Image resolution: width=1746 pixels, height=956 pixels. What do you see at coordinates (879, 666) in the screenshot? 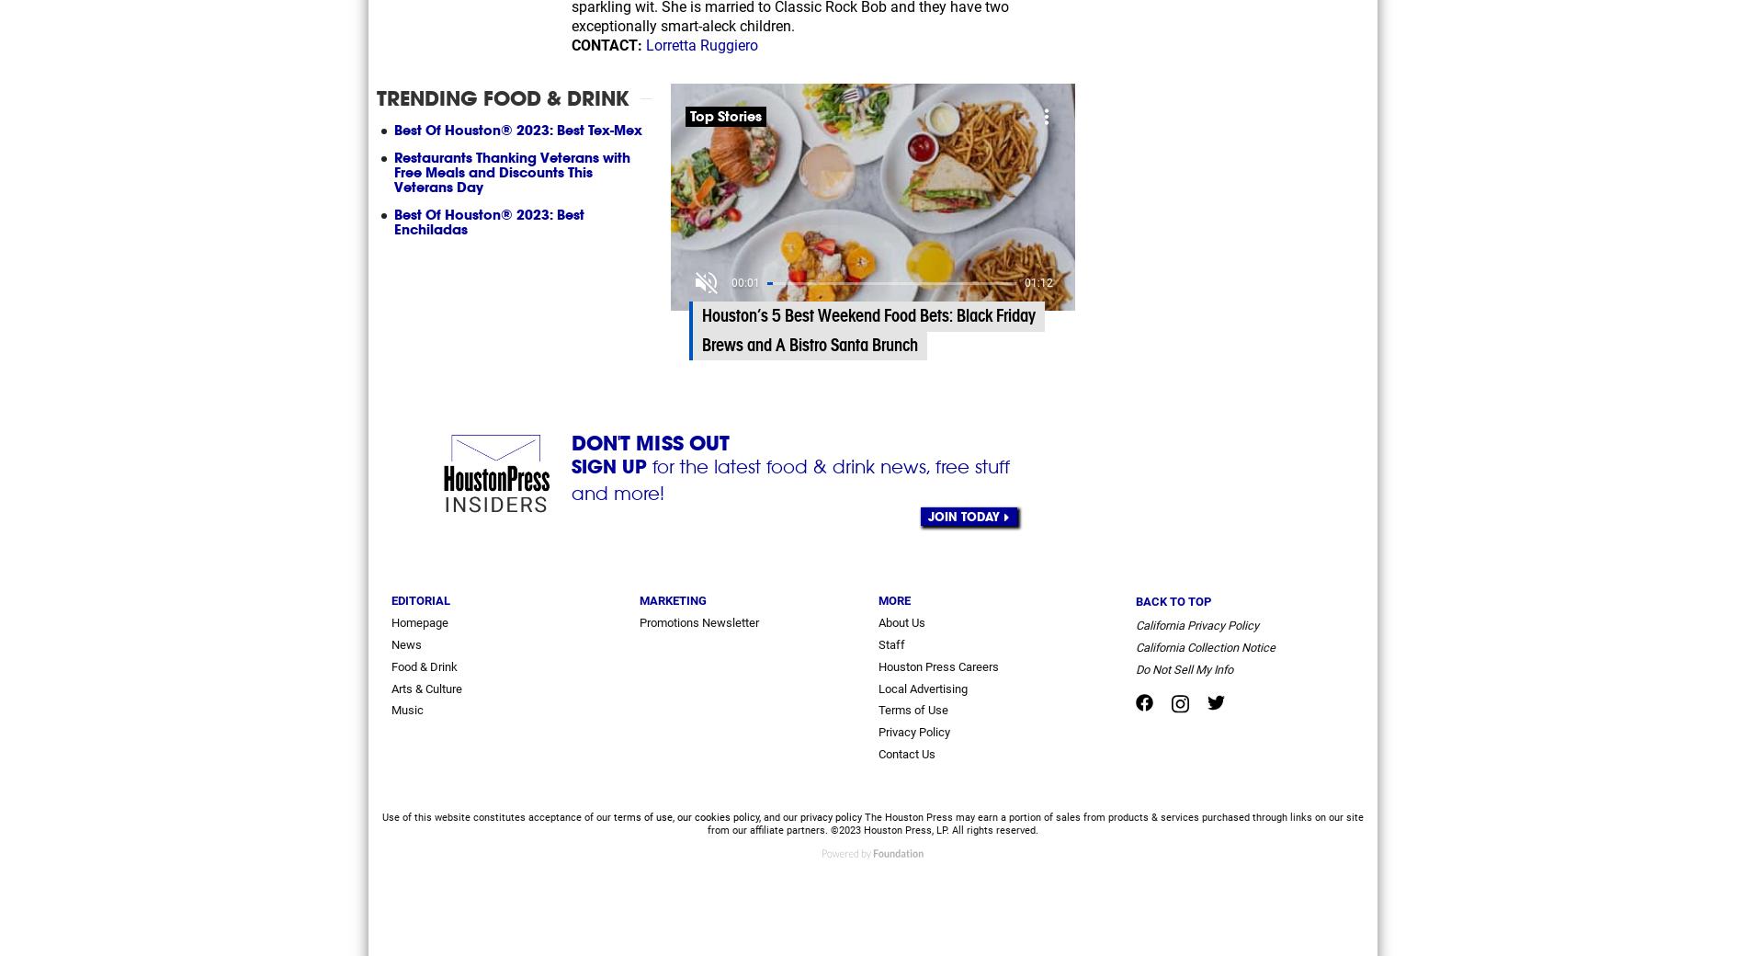
I see `'Houston Press Careers'` at bounding box center [879, 666].